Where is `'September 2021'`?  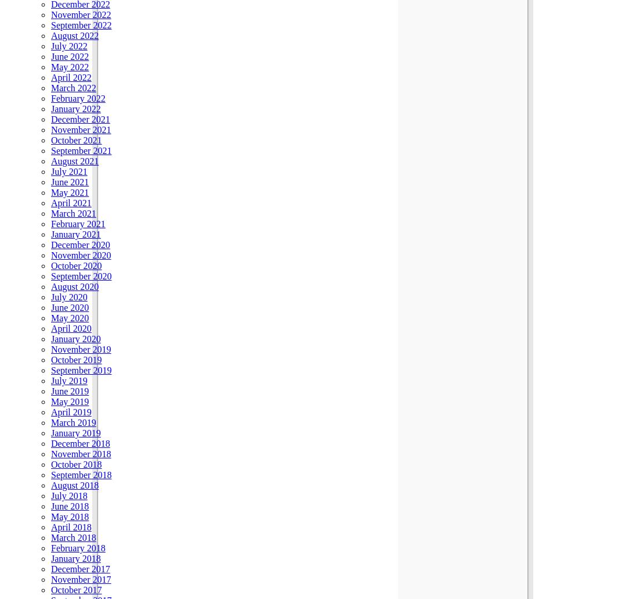
'September 2021' is located at coordinates (81, 150).